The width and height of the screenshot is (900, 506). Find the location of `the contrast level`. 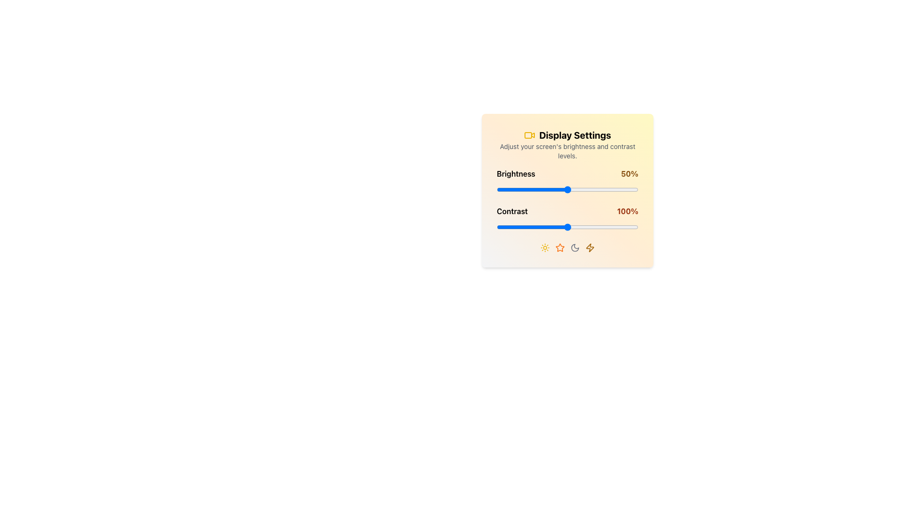

the contrast level is located at coordinates (563, 227).